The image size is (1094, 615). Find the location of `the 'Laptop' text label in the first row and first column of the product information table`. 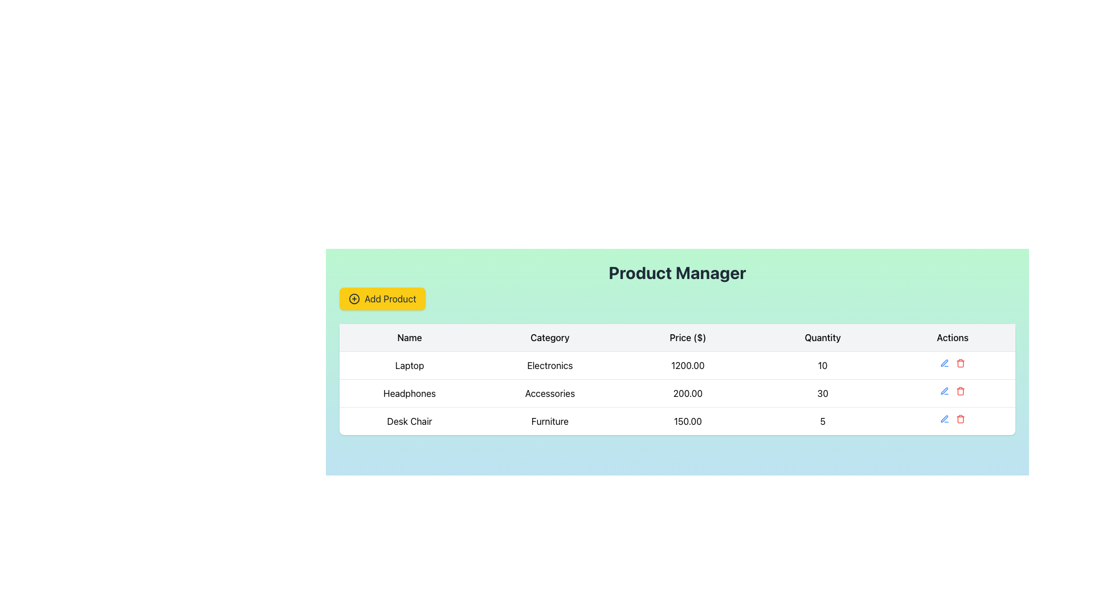

the 'Laptop' text label in the first row and first column of the product information table is located at coordinates (410, 365).